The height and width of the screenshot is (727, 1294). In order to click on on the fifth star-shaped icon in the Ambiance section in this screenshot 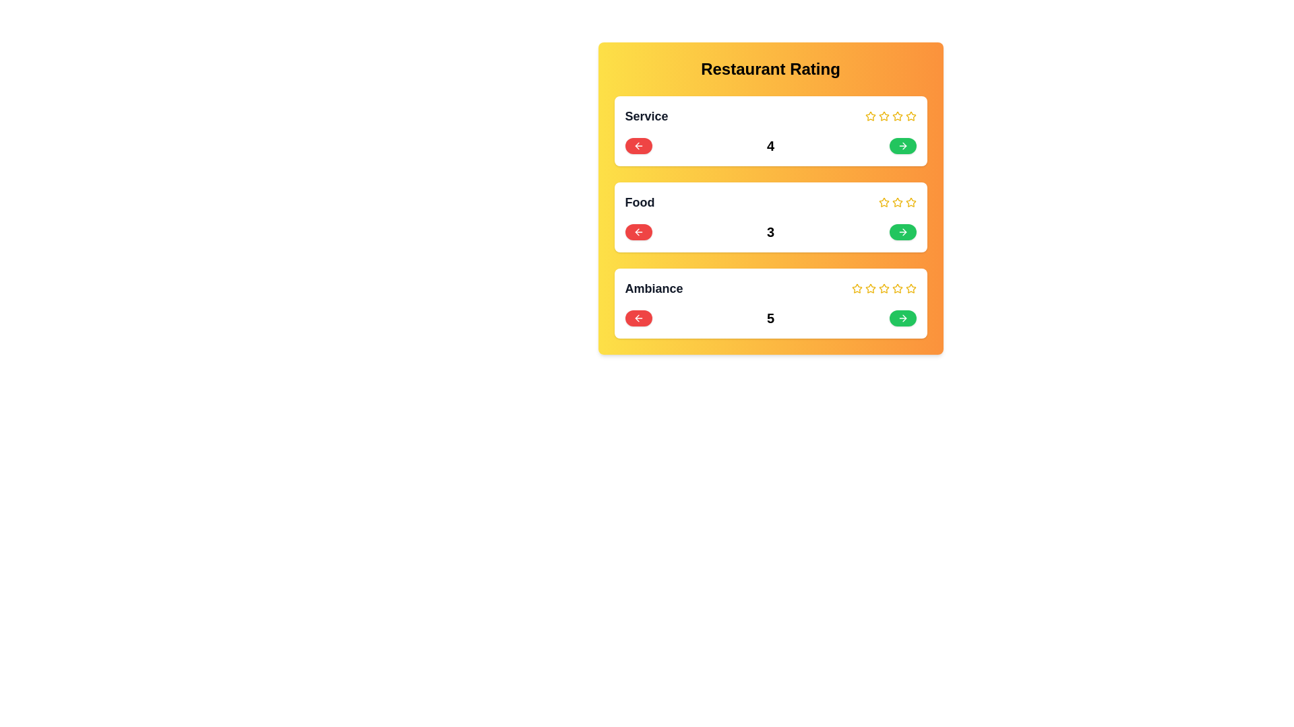, I will do `click(910, 287)`.